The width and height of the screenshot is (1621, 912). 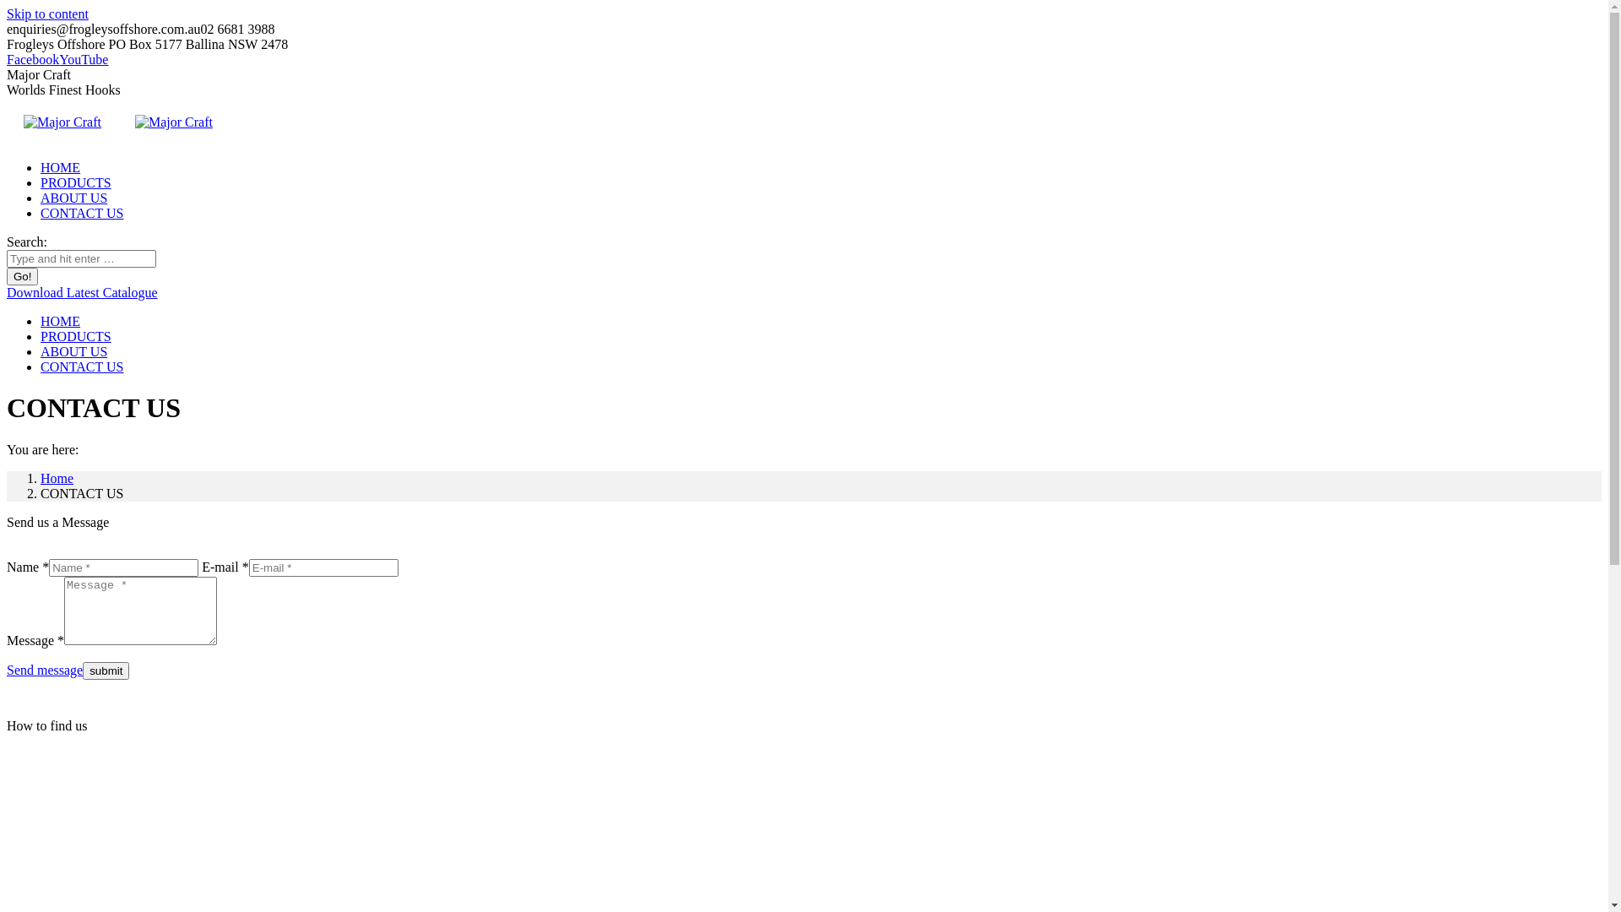 I want to click on 'CONTACT US', so click(x=41, y=212).